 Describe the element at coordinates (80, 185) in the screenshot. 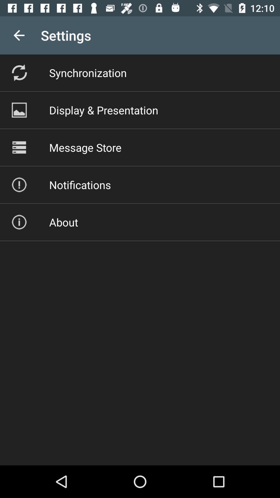

I see `the icon above about icon` at that location.